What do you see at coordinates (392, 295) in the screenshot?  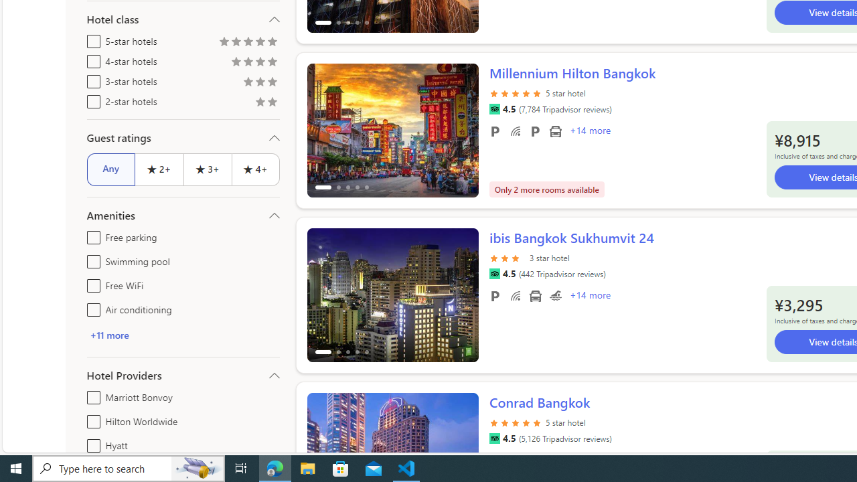 I see `'Slide 1'` at bounding box center [392, 295].